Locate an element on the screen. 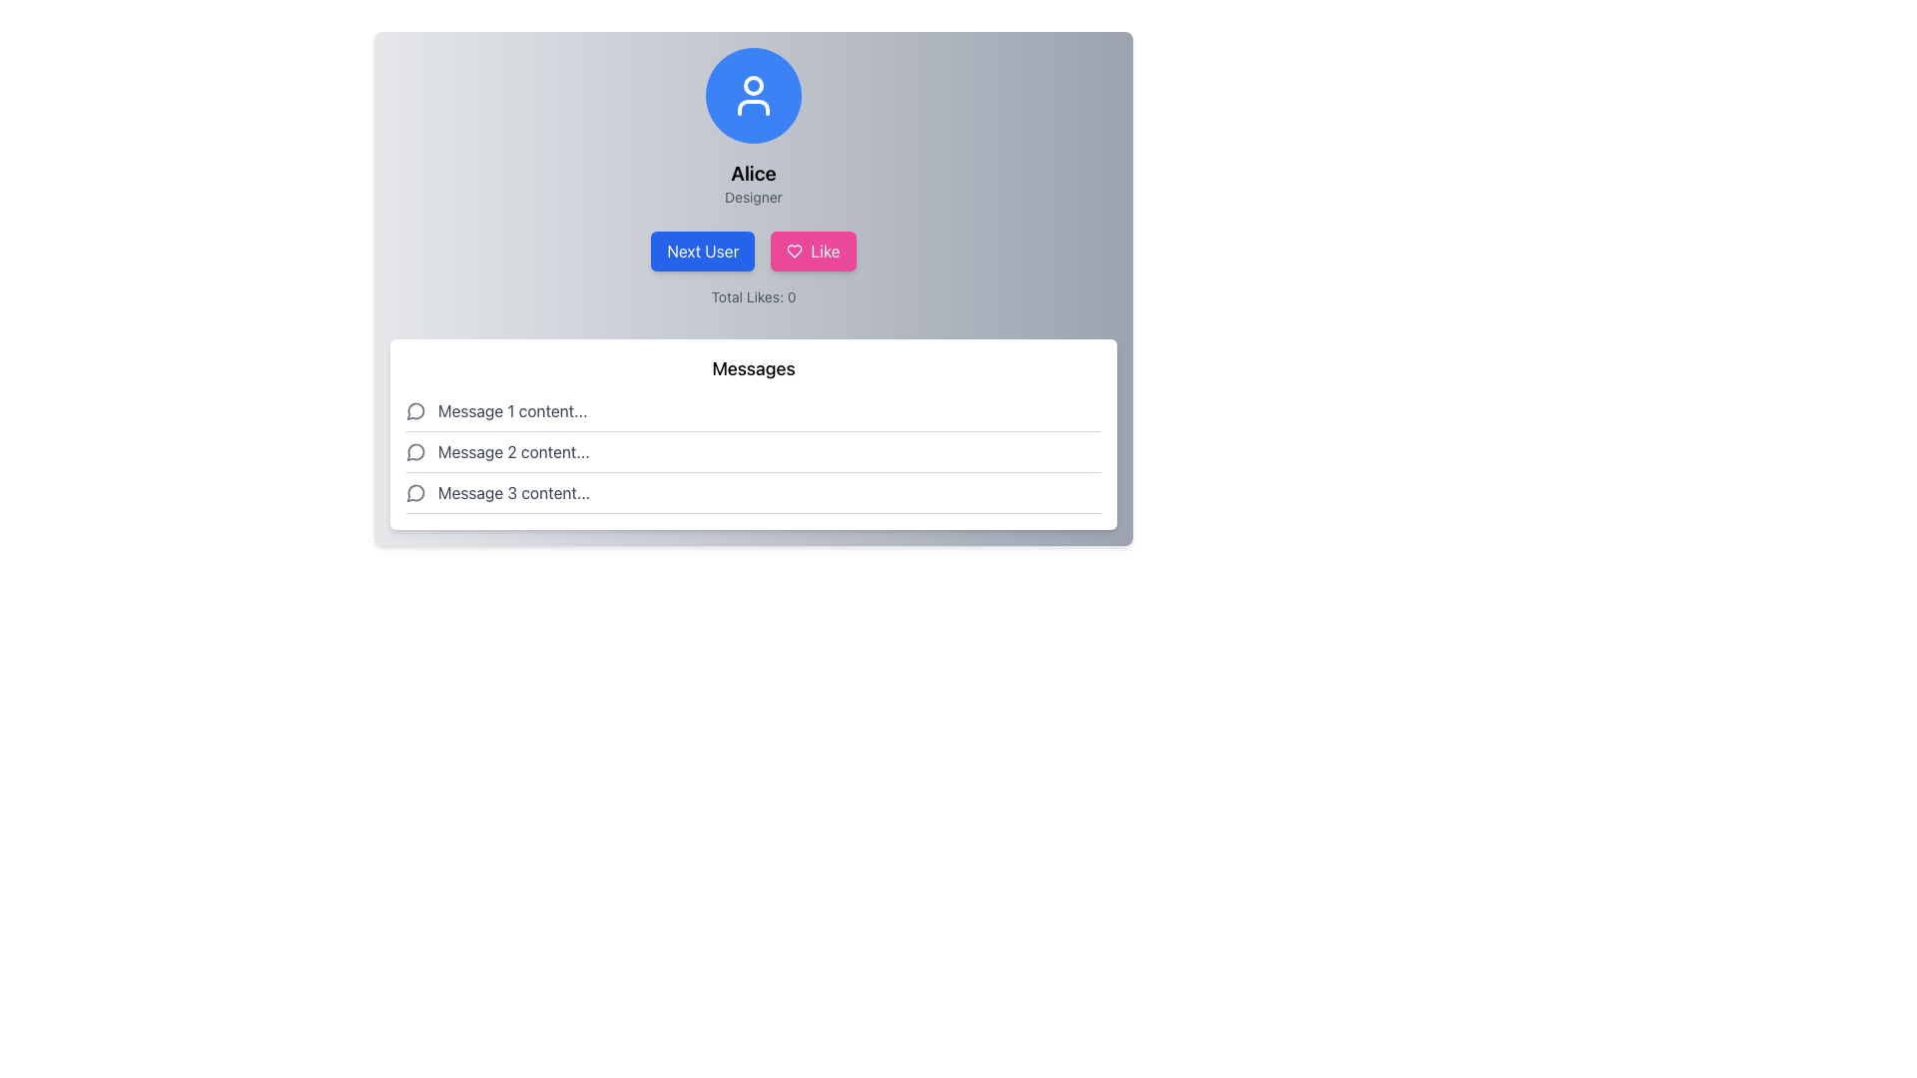 The image size is (1917, 1078). the message icon positioned to the far left within the 'Message 3 content...' row of the vertically stacked list of messages is located at coordinates (415, 492).